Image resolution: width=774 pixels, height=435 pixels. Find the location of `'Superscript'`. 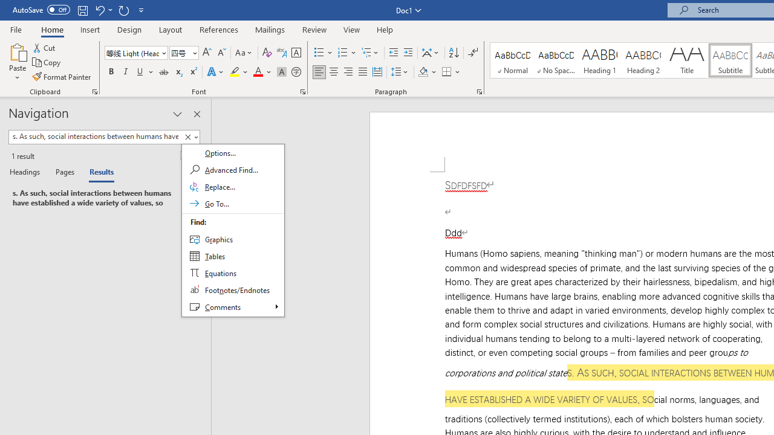

'Superscript' is located at coordinates (192, 72).